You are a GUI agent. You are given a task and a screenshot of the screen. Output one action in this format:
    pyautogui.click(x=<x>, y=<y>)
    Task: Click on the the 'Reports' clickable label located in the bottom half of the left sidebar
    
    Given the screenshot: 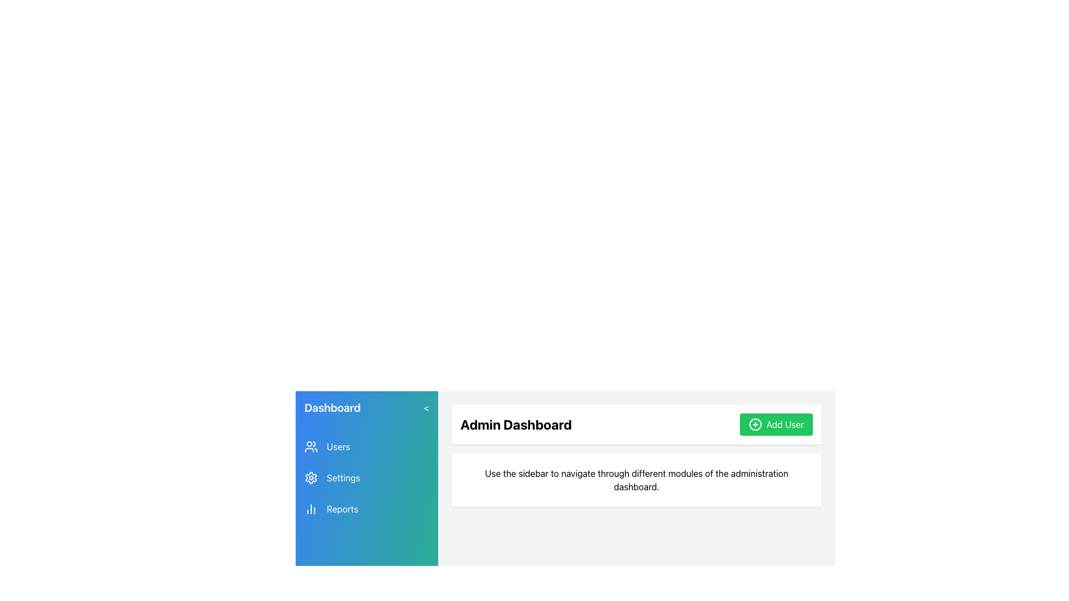 What is the action you would take?
    pyautogui.click(x=342, y=509)
    